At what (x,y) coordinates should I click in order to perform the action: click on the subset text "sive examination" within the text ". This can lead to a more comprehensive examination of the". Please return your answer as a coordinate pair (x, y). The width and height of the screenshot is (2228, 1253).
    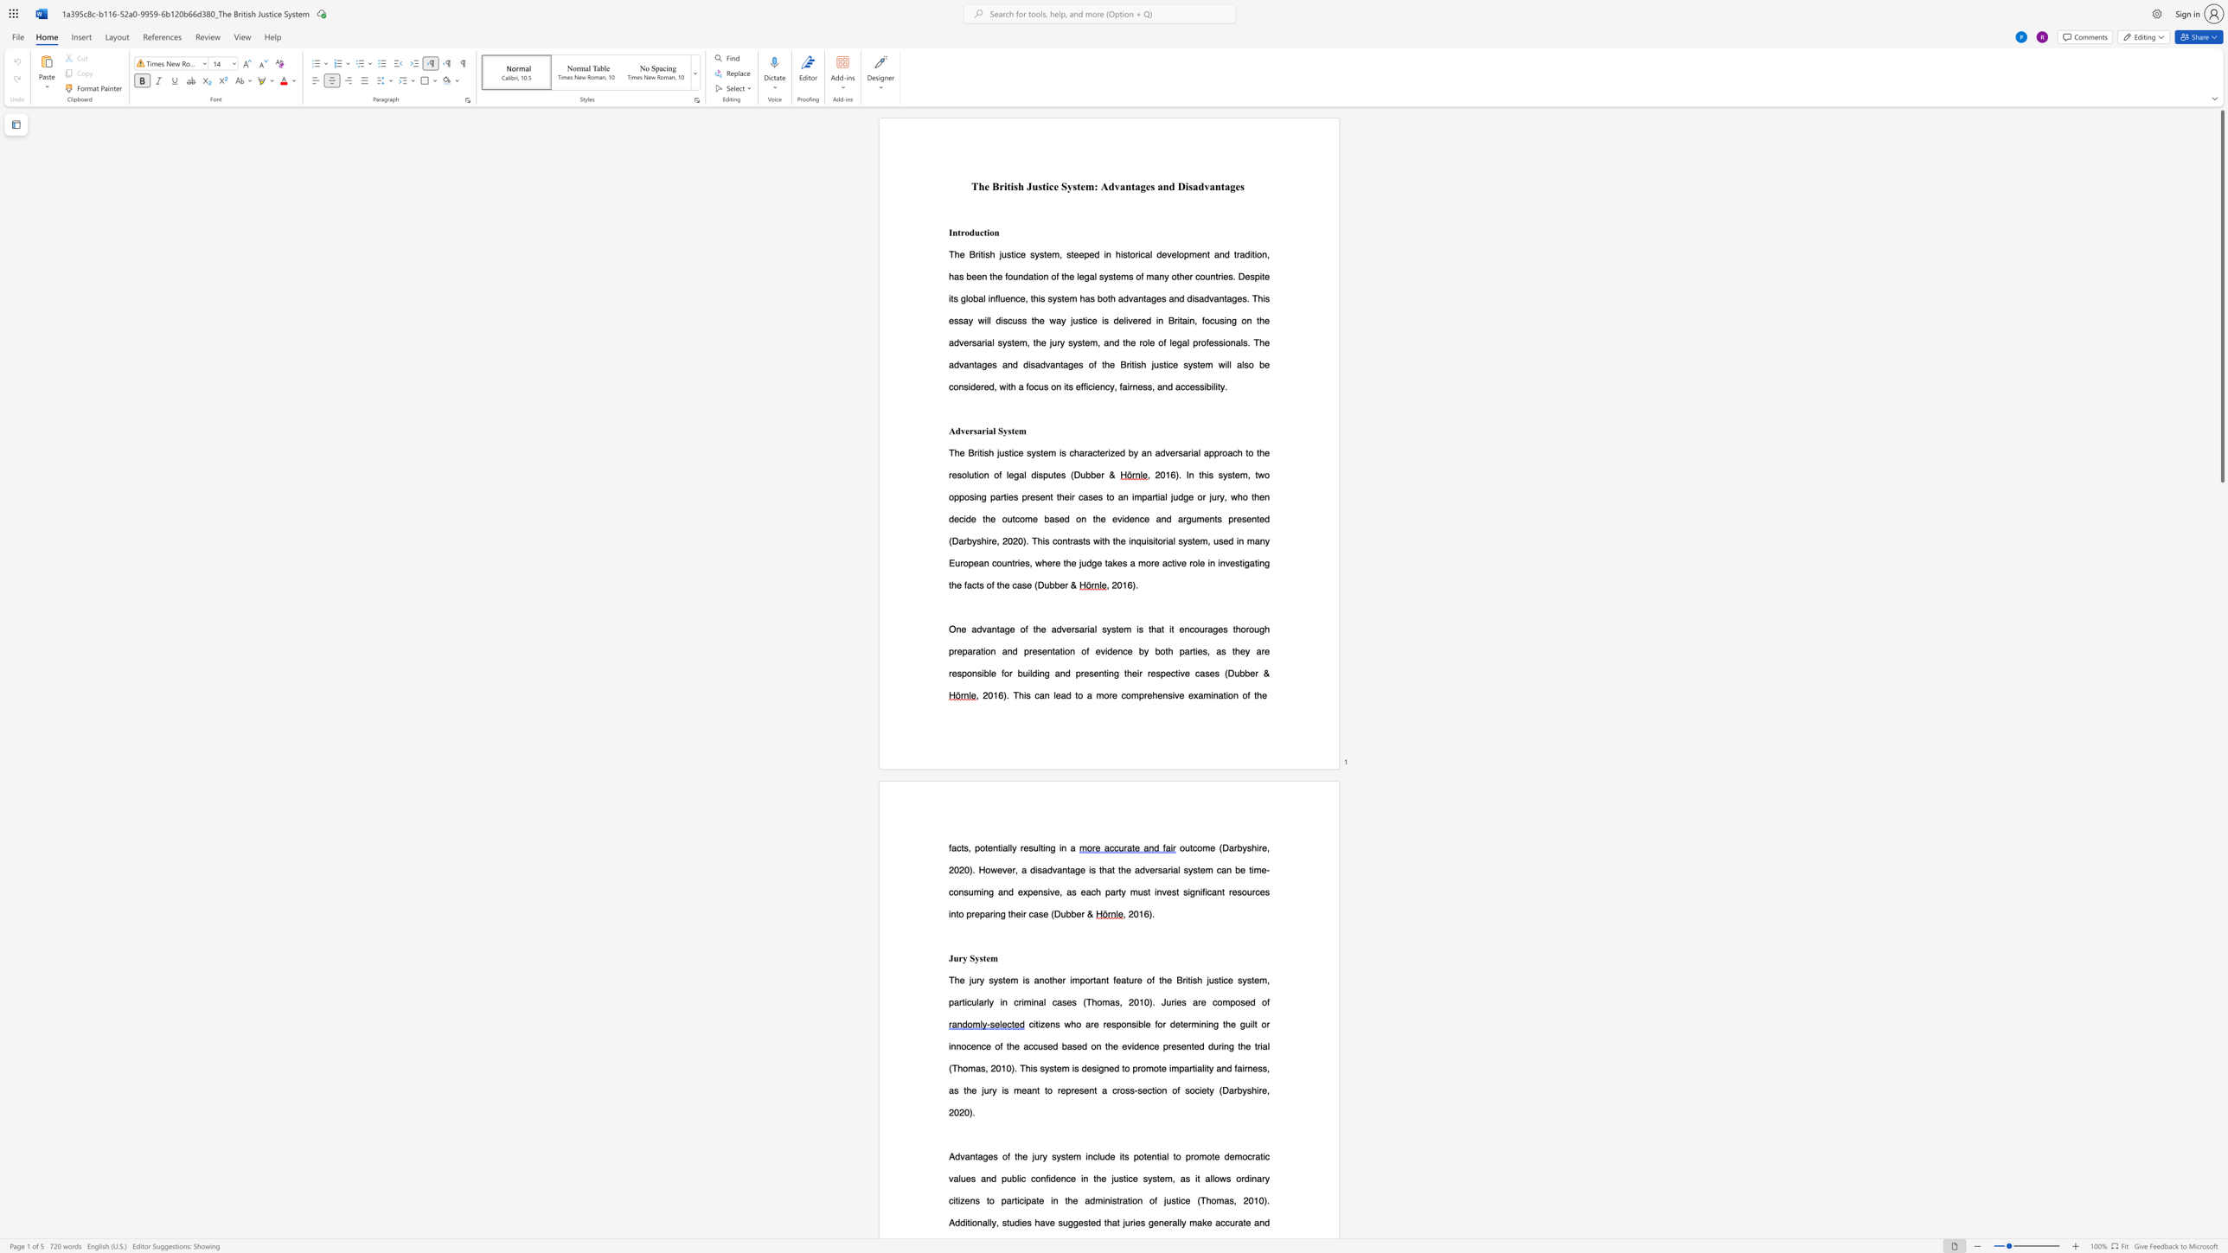
    Looking at the image, I should click on (1167, 695).